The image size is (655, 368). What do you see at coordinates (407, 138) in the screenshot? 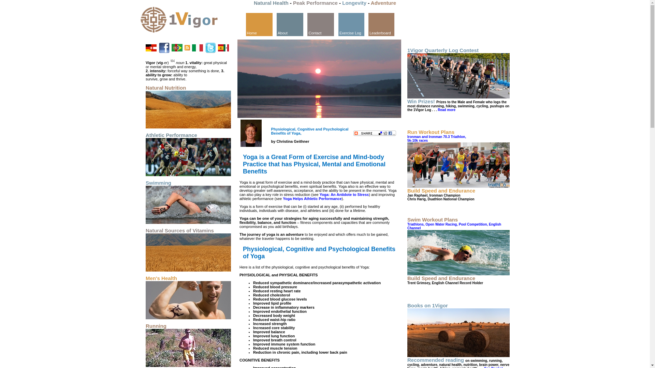
I see `'Ironman and Ironman 70.3 Triathlon,` at bounding box center [407, 138].